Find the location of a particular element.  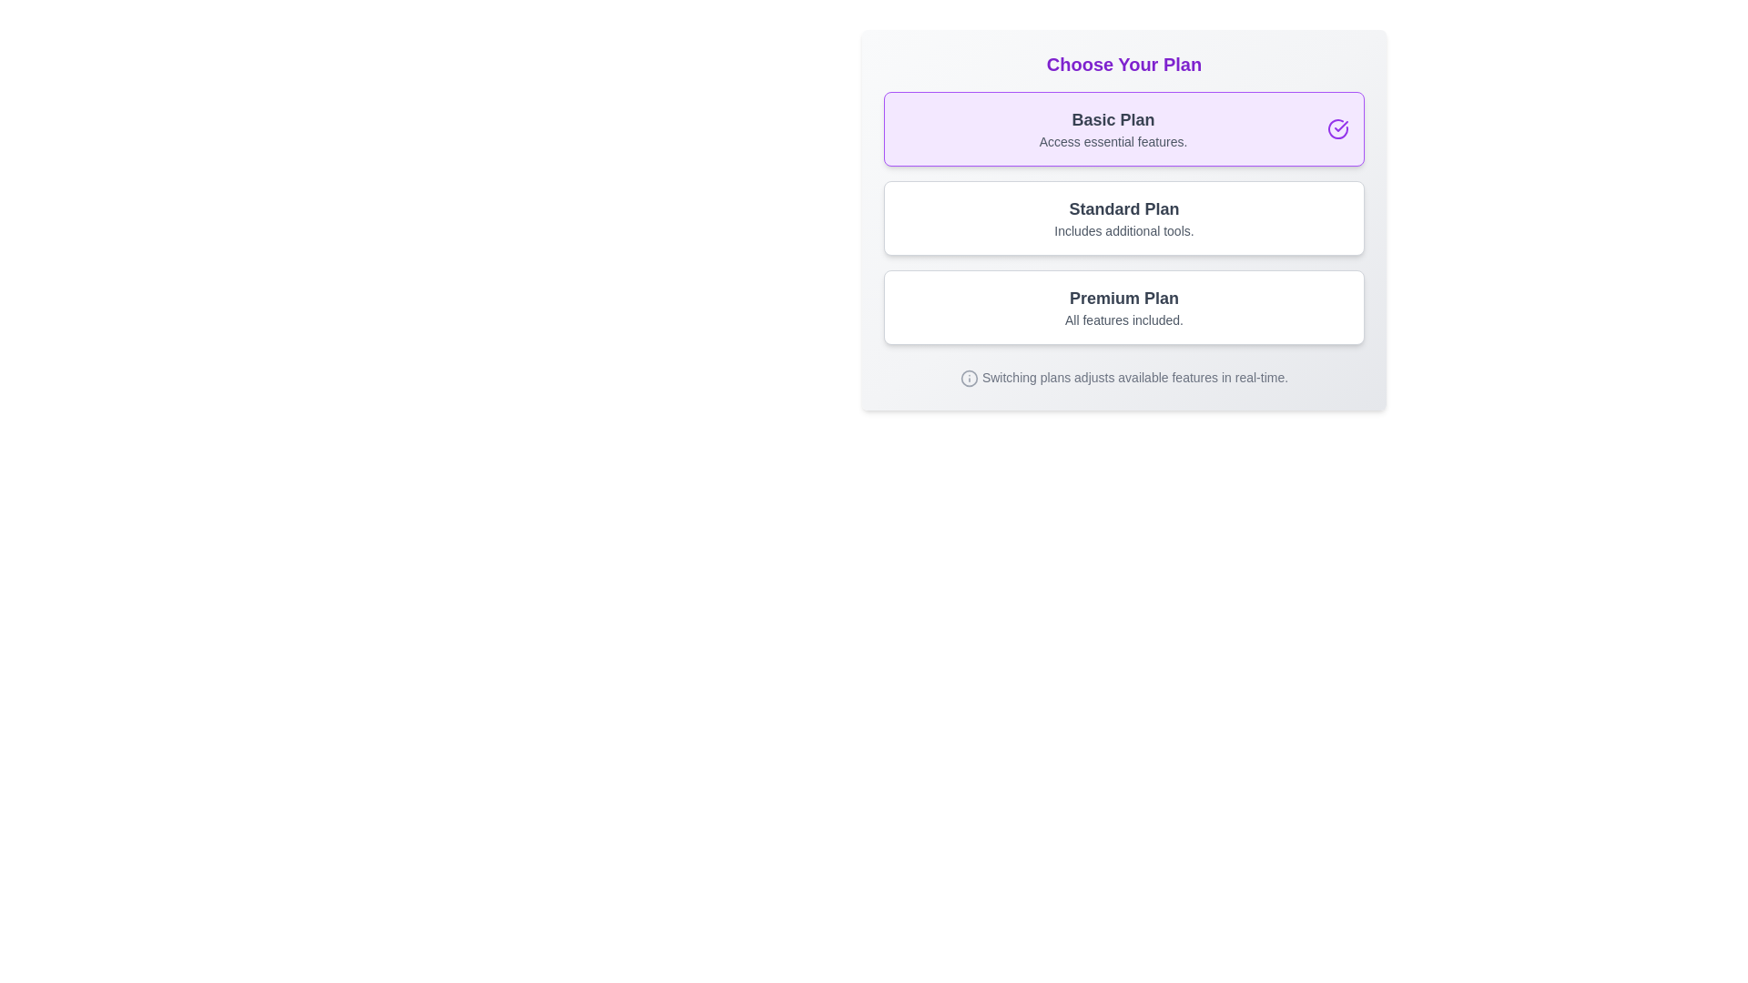

the text label reading 'Includes additional tools.' located below the 'Standard Plan' heading in the second card of the plan options is located at coordinates (1123, 230).